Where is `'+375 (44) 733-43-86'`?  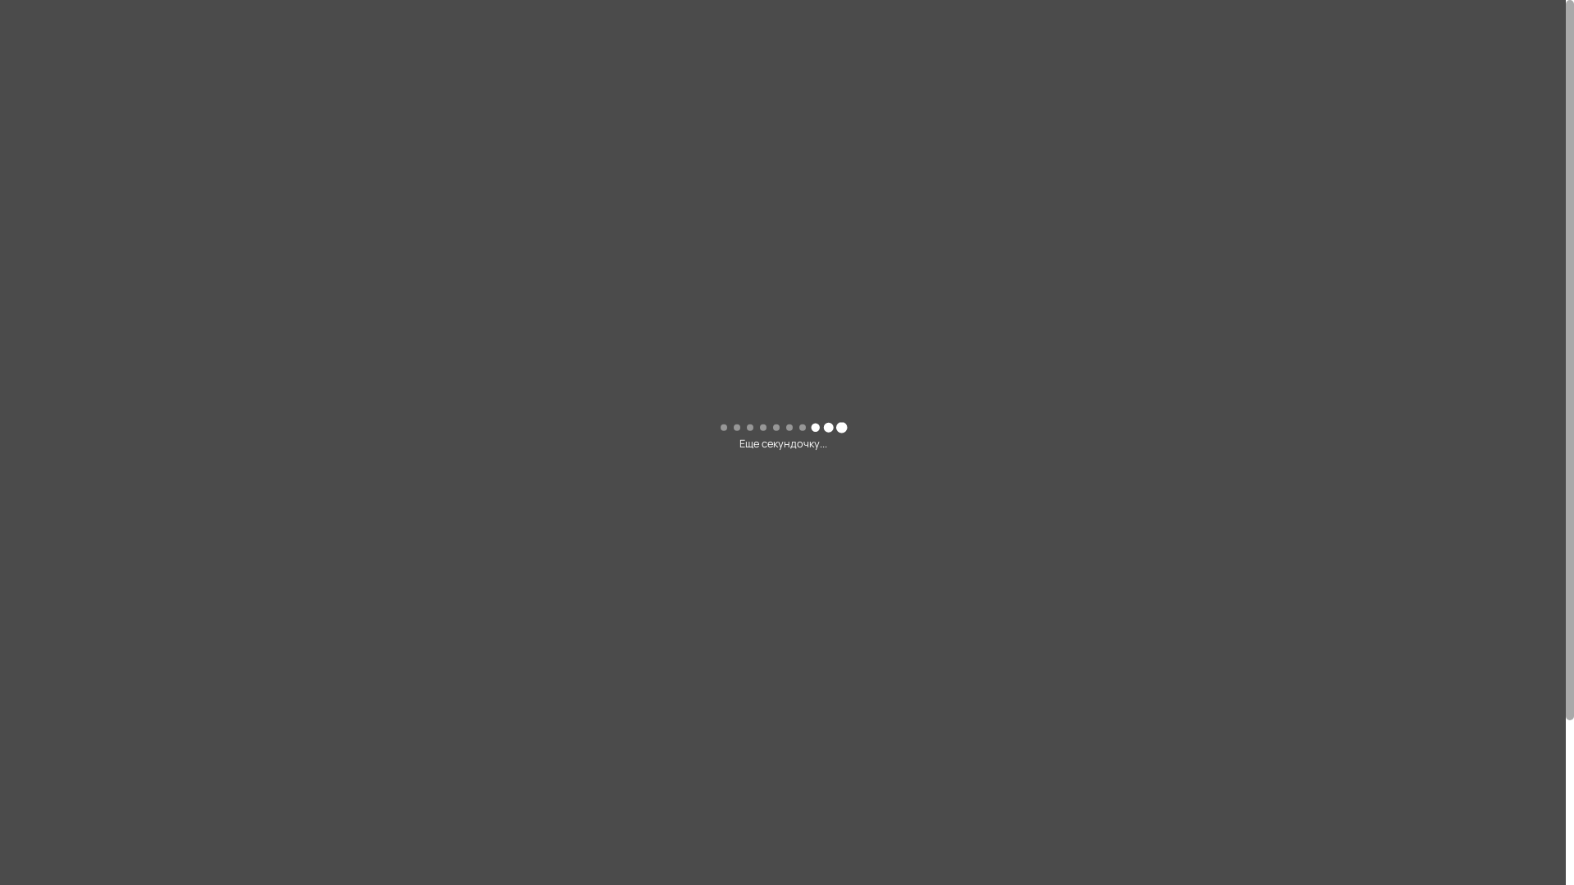
'+375 (44) 733-43-86' is located at coordinates (1209, 300).